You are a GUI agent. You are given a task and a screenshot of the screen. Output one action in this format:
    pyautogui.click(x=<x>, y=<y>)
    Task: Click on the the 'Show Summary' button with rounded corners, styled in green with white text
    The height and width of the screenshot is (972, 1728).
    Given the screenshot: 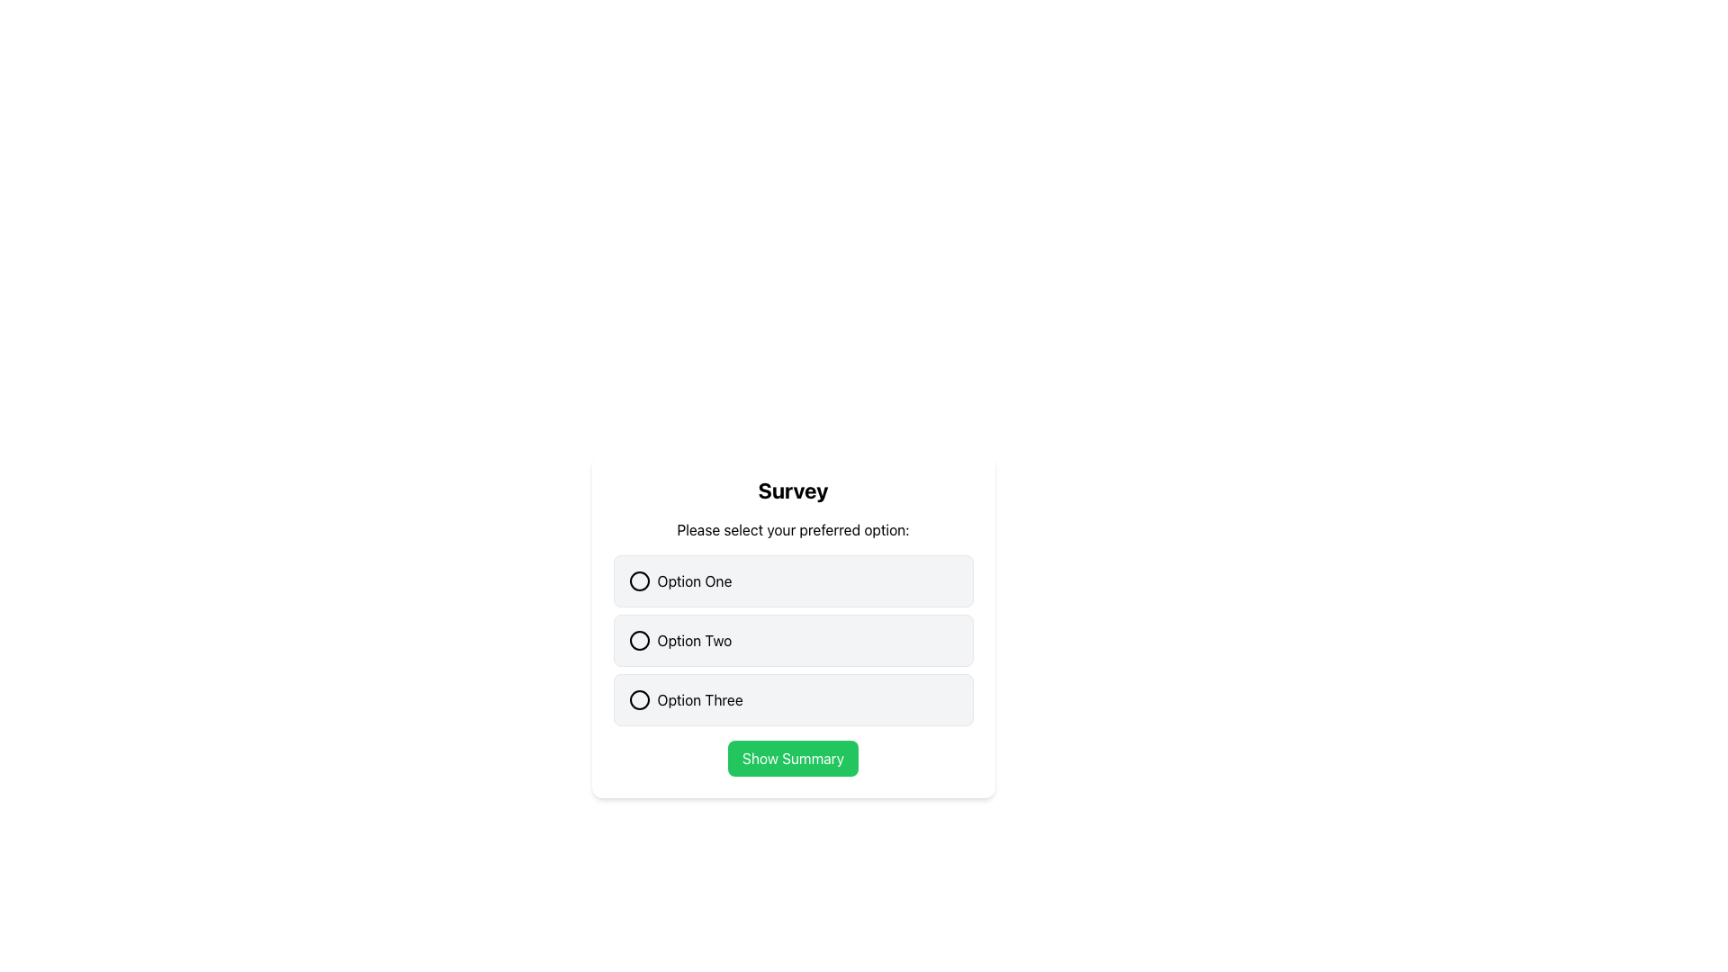 What is the action you would take?
    pyautogui.click(x=792, y=759)
    